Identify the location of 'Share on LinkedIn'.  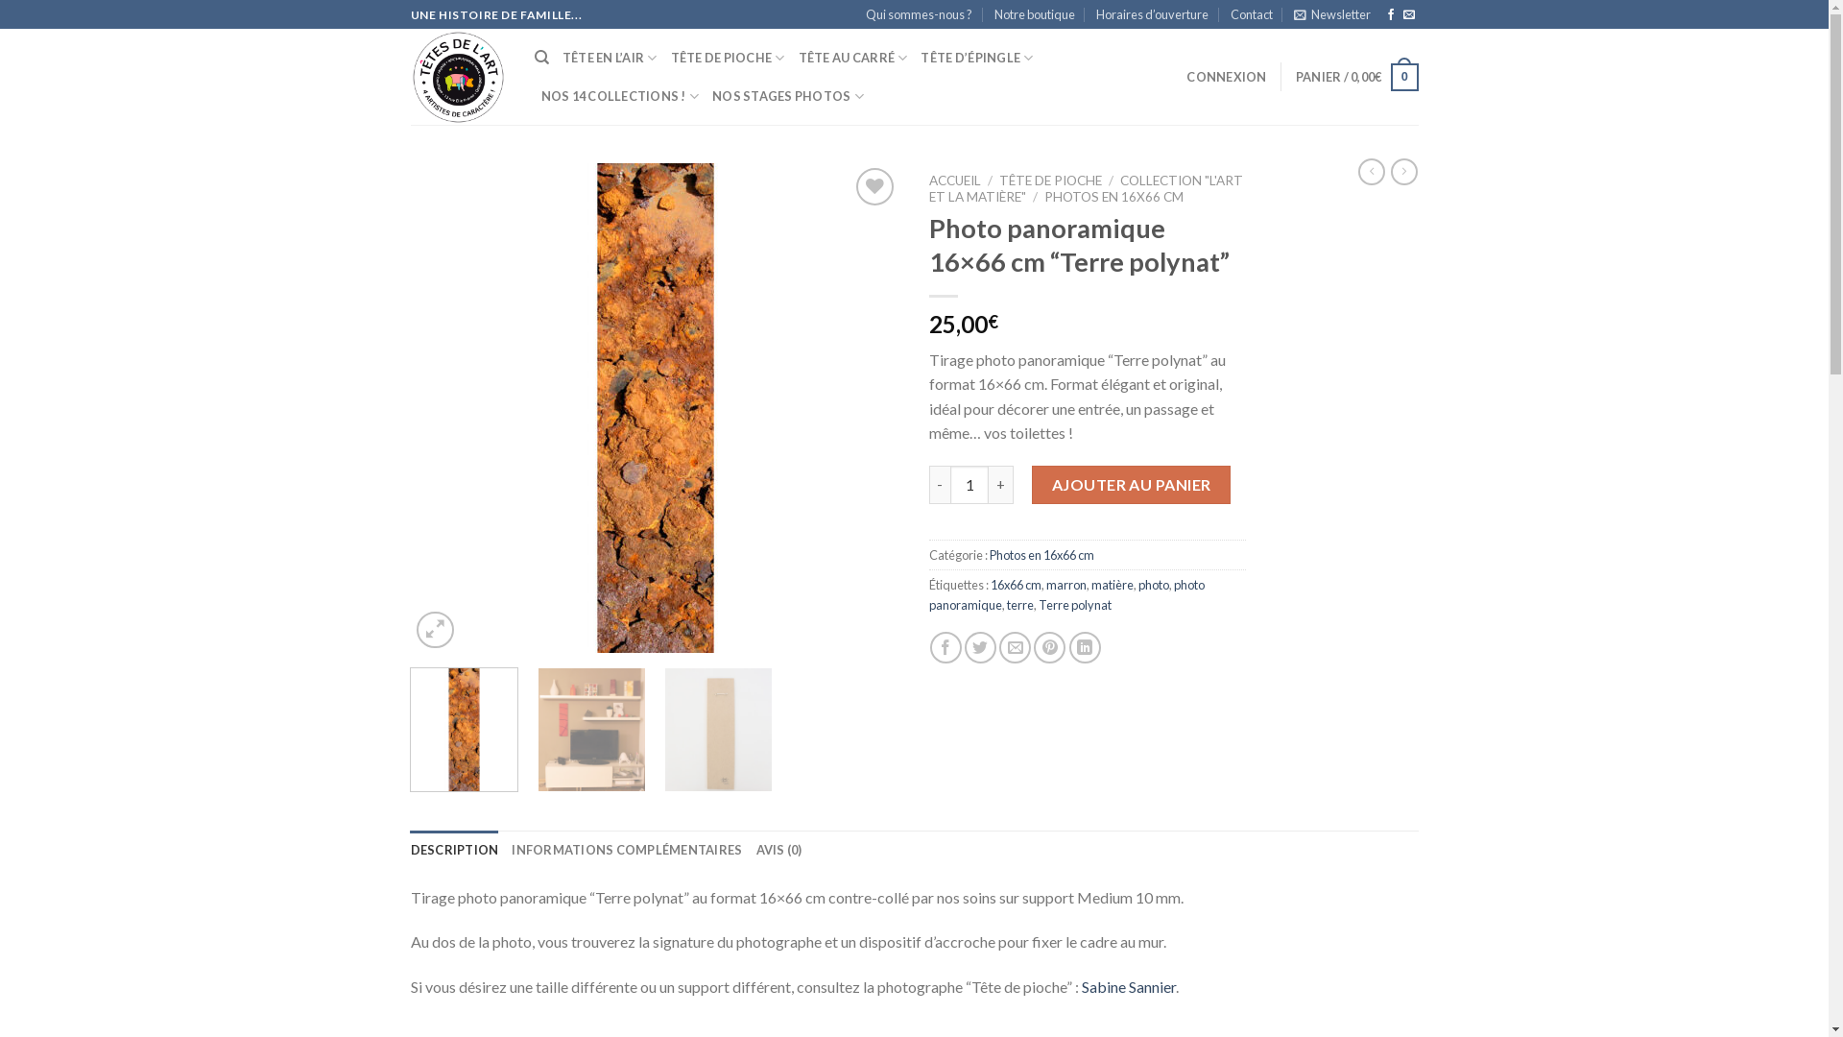
(1085, 647).